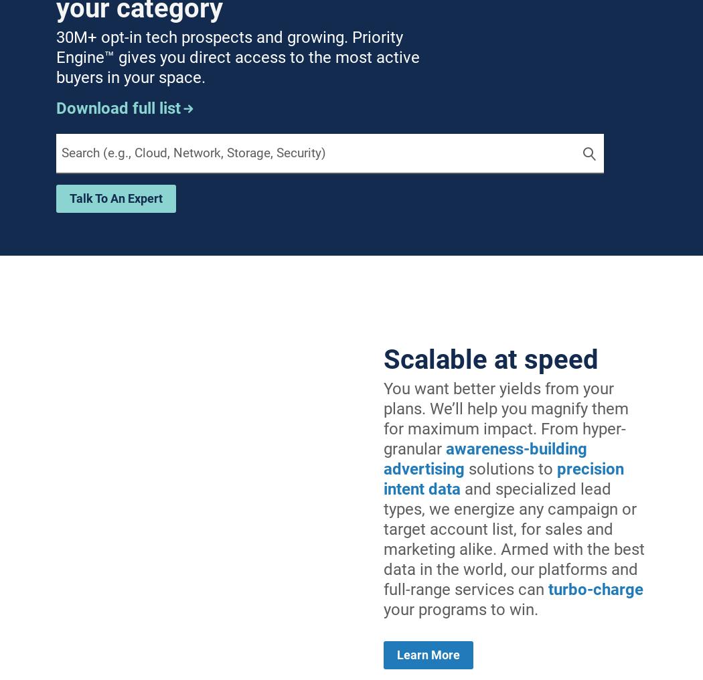  I want to click on 'You want better yields from your plans. We’ll help you magnify them for maximum impact. From hyper-granular', so click(506, 418).